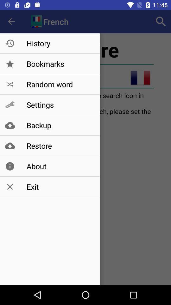 Image resolution: width=171 pixels, height=305 pixels. What do you see at coordinates (60, 84) in the screenshot?
I see `the random word` at bounding box center [60, 84].